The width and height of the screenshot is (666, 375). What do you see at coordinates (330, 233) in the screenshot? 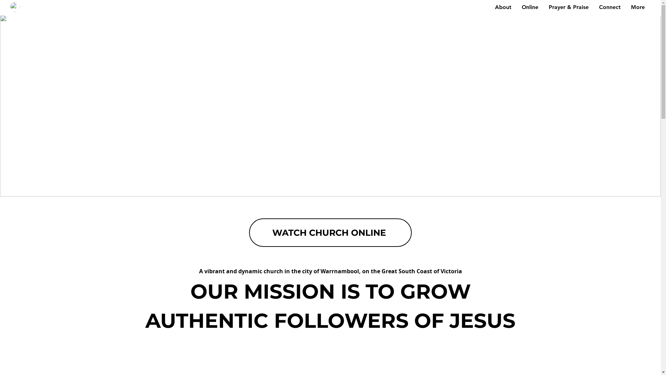
I see `'WATCH CHURCH ONLINE'` at bounding box center [330, 233].